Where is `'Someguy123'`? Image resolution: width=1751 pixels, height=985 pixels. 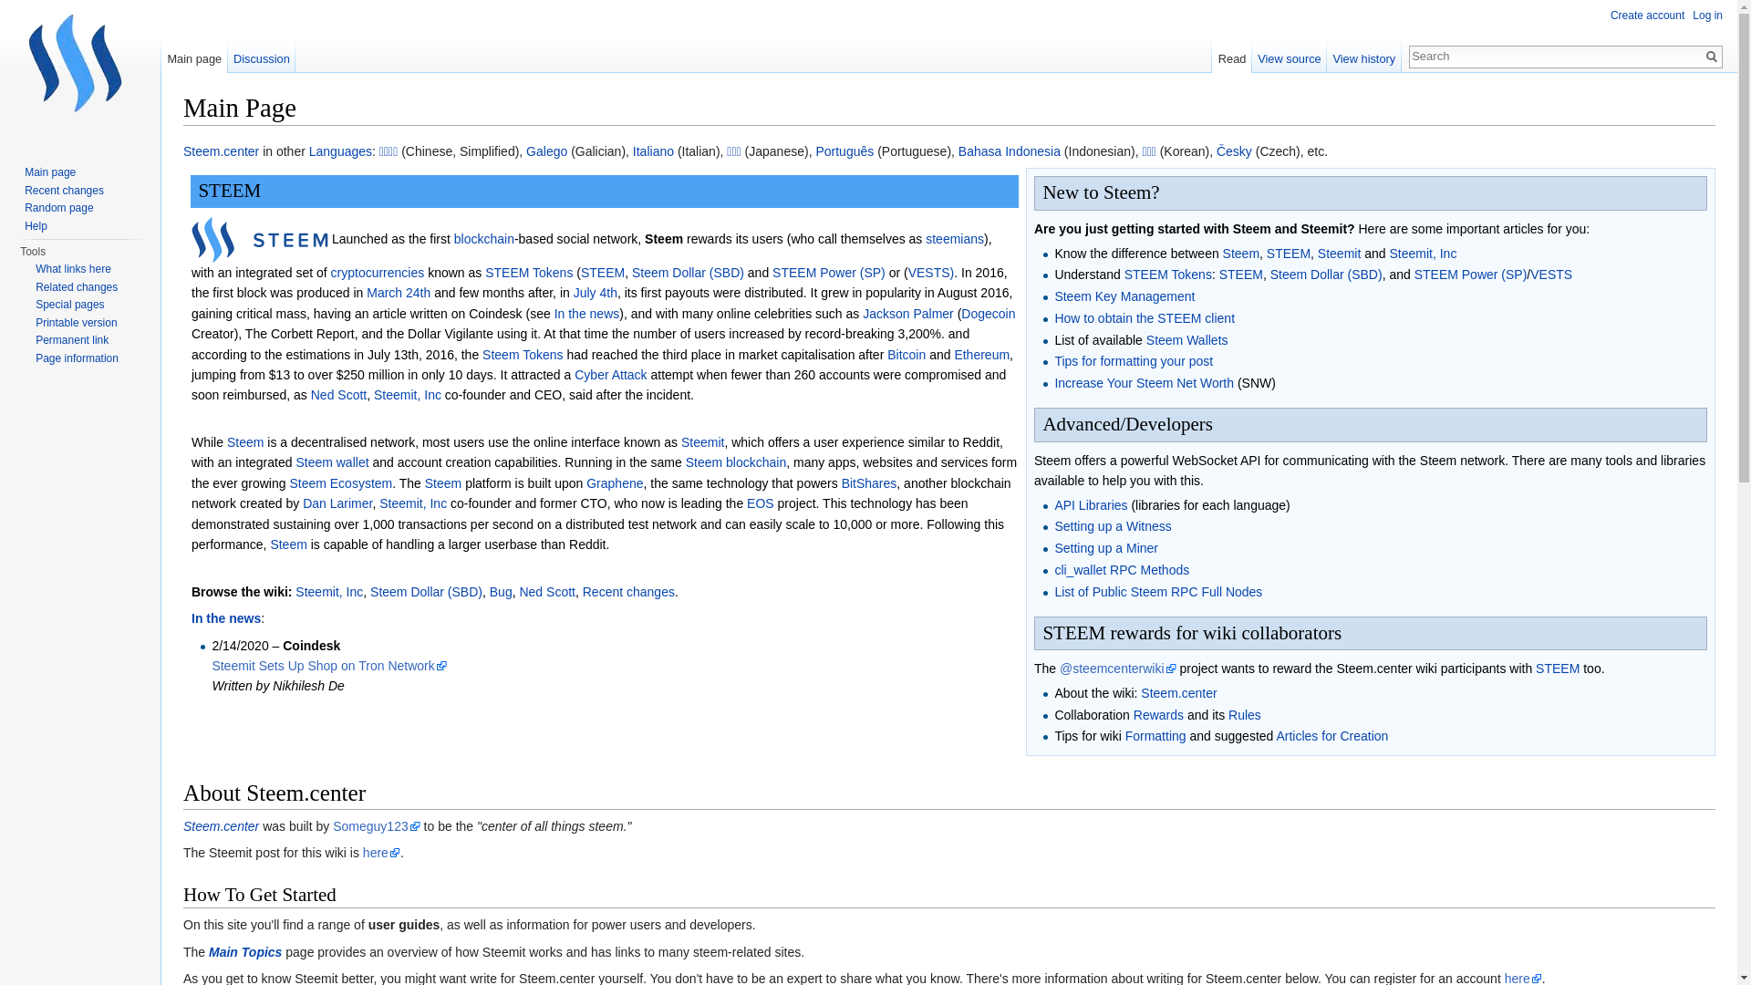
'Someguy123' is located at coordinates (375, 826).